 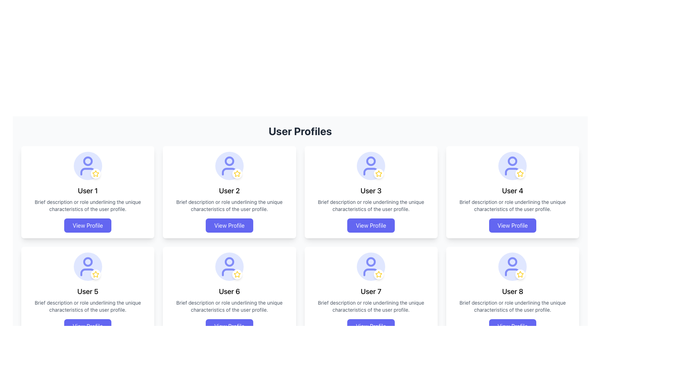 I want to click on the text label identifying 'User 5', located in the middle of the second row of user profile cards, so click(x=87, y=291).